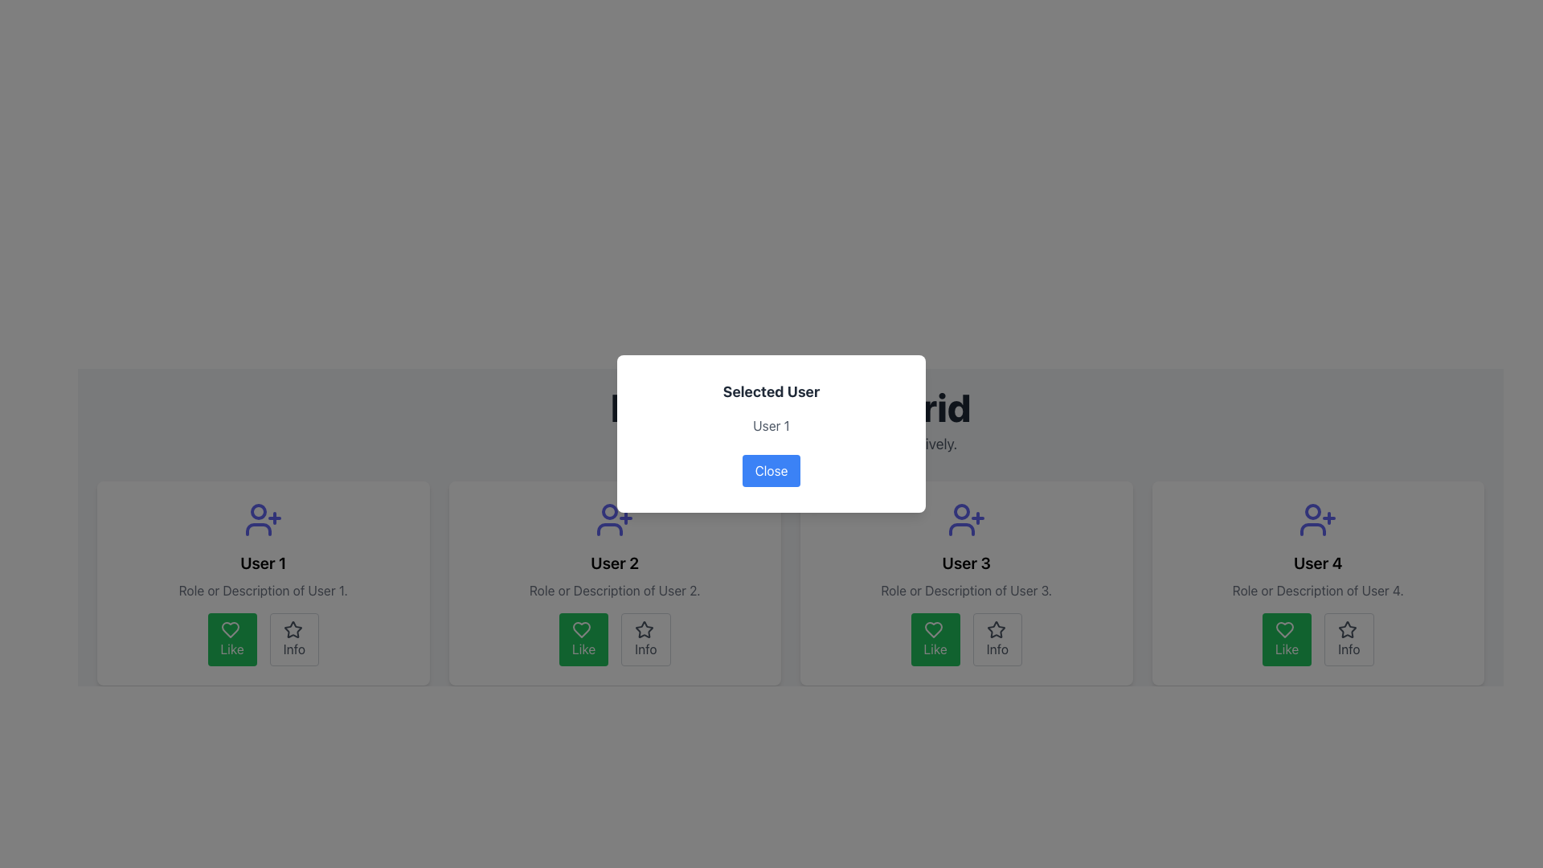 Image resolution: width=1543 pixels, height=868 pixels. What do you see at coordinates (995, 628) in the screenshot?
I see `the star-shaped icon with a hollow center that is located within the card for 'User 3,' positioned to the right of the green 'Like' button` at bounding box center [995, 628].